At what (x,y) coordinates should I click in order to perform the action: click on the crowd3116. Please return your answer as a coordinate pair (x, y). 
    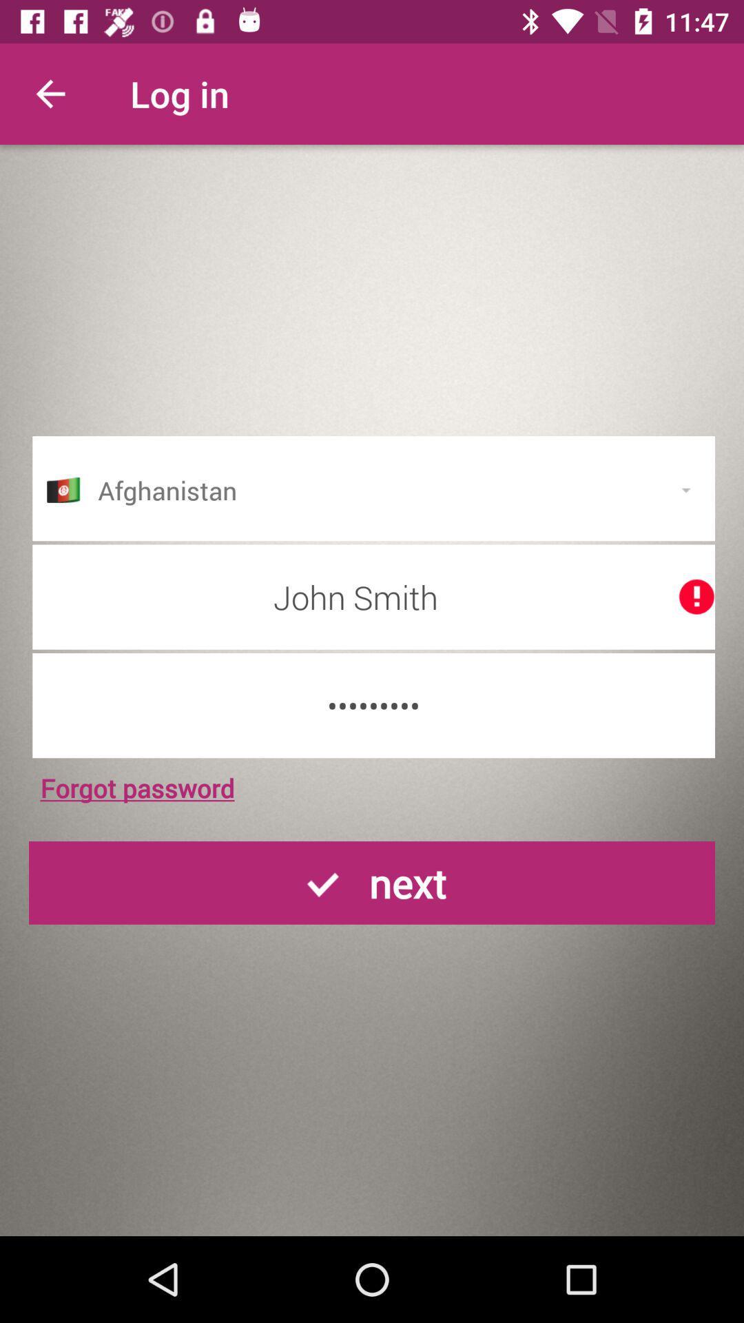
    Looking at the image, I should click on (373, 706).